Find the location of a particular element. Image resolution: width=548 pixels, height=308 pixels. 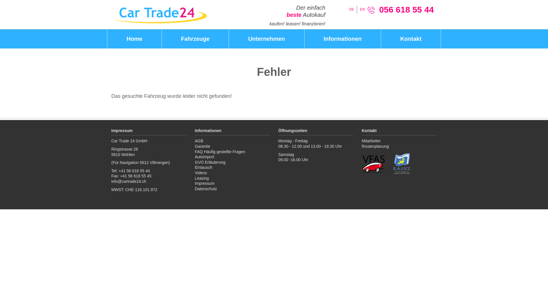

'EN' is located at coordinates (362, 9).